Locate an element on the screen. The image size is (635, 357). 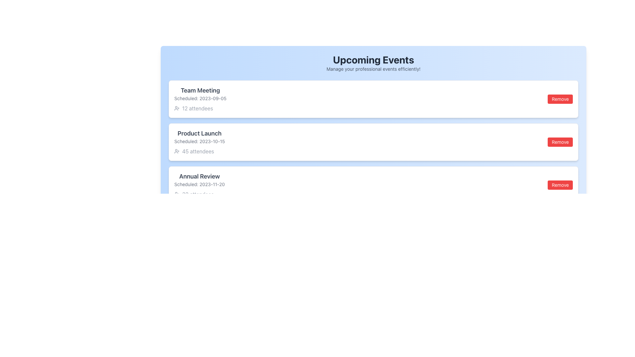
the button at the far right end of the 'Product Launch' event is located at coordinates (560, 141).